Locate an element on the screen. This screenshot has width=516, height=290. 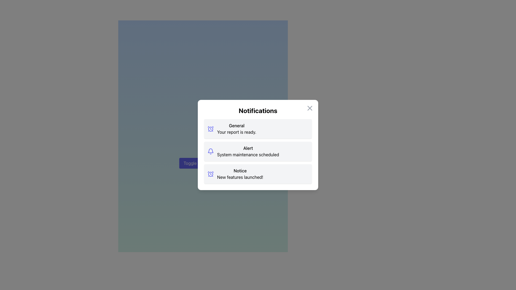
the notification item with the bell icon and the title 'Alert' to acknowledge or act on the notification is located at coordinates (258, 151).